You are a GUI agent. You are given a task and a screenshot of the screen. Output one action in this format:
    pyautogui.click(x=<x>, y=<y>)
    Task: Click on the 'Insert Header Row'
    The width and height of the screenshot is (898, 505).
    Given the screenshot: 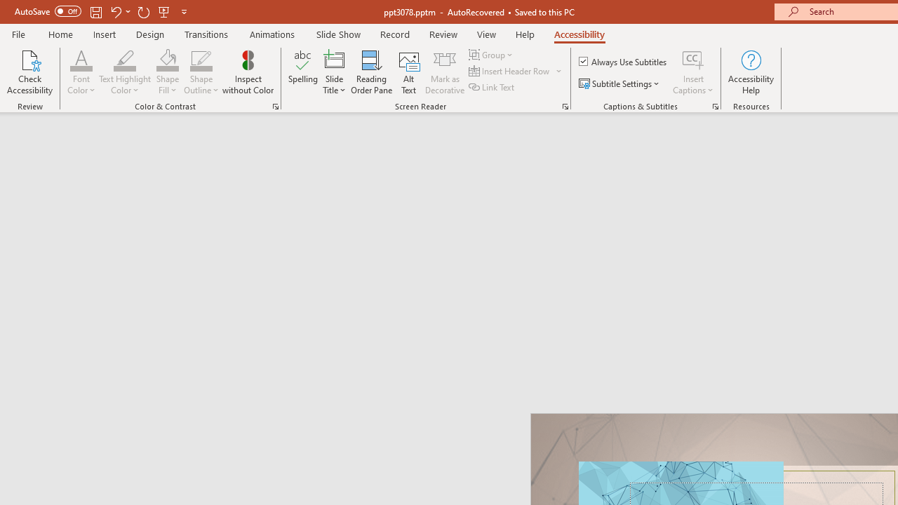 What is the action you would take?
    pyautogui.click(x=509, y=71)
    